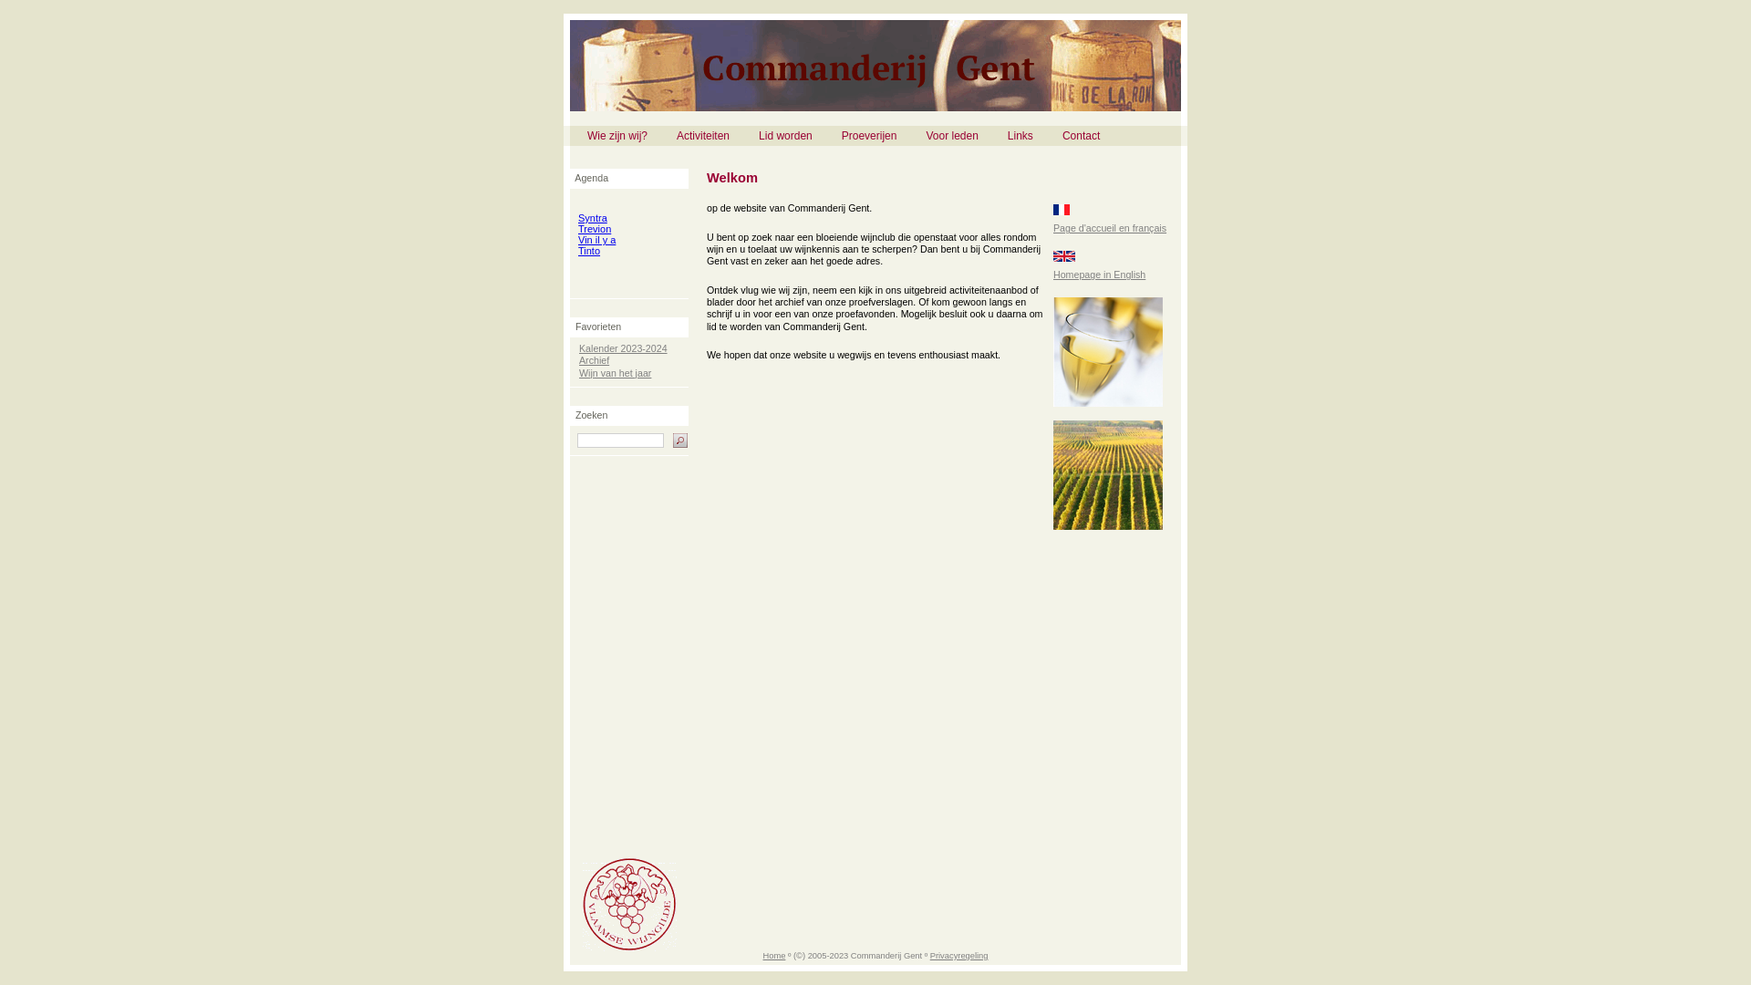 Image resolution: width=1751 pixels, height=985 pixels. I want to click on 'Voor leden', so click(950, 135).